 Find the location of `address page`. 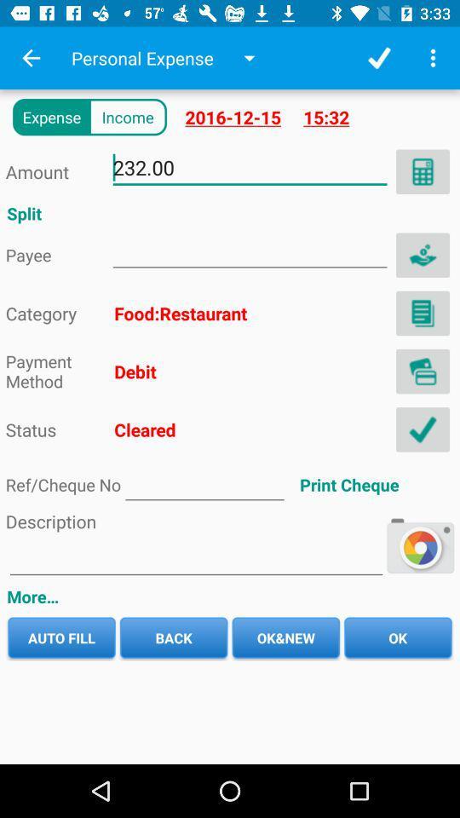

address page is located at coordinates (422, 372).